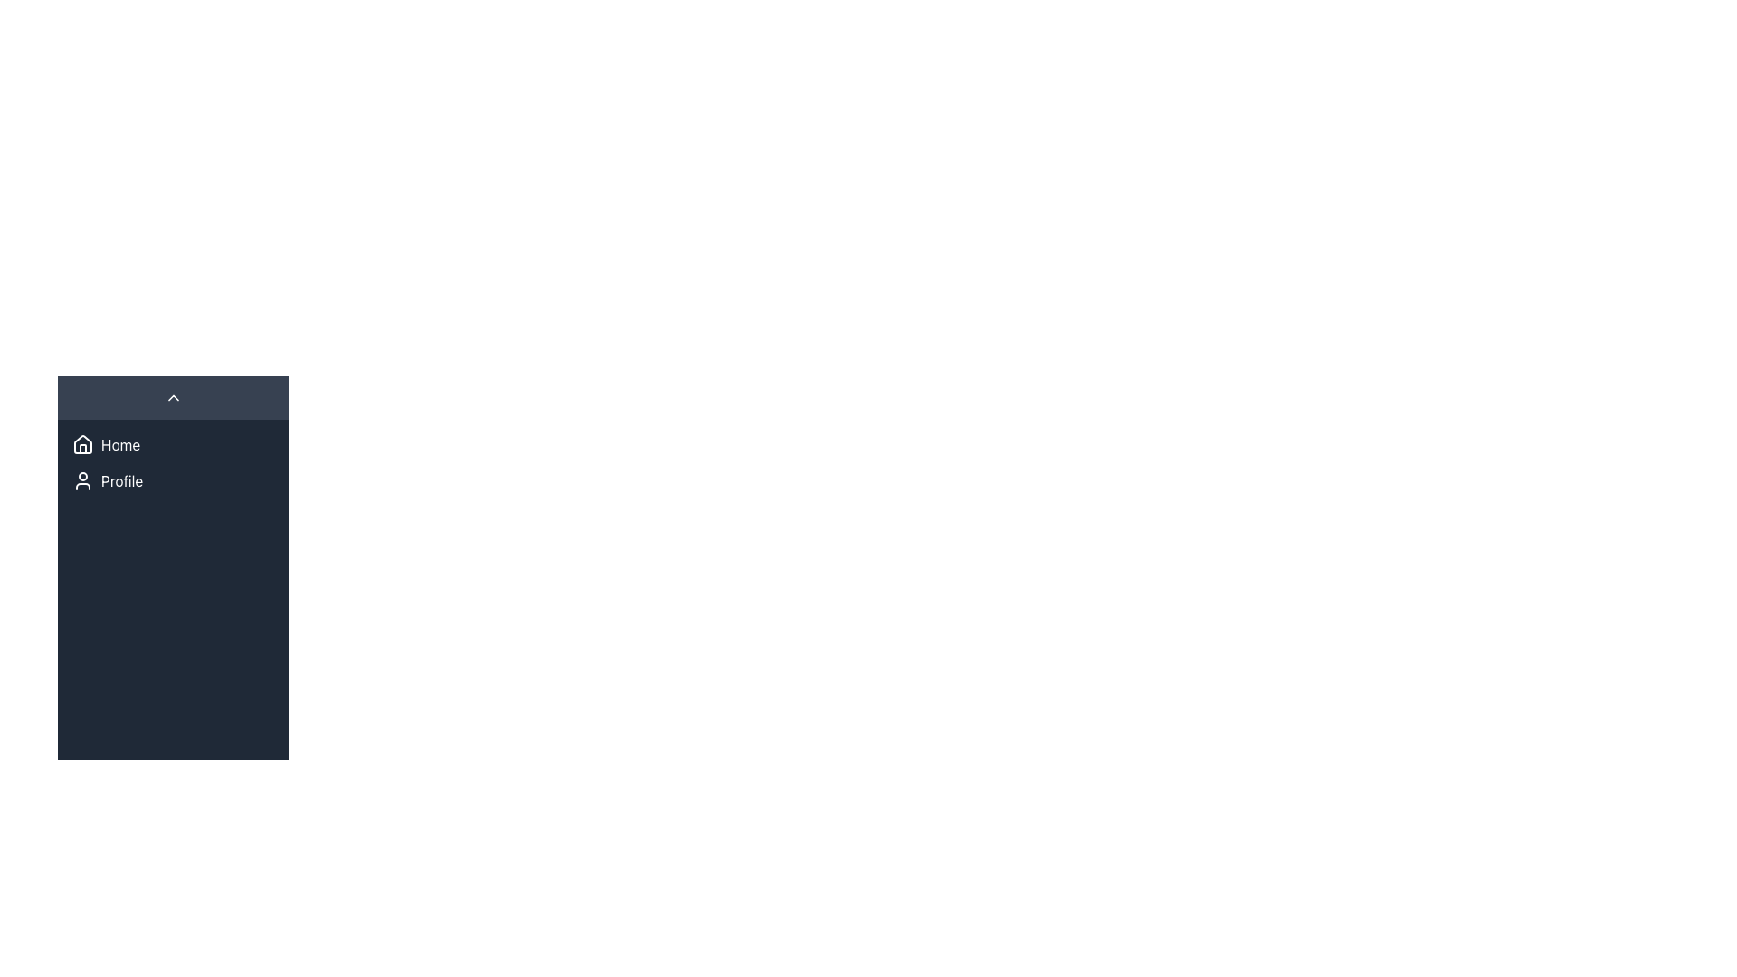  Describe the element at coordinates (121, 480) in the screenshot. I see `the 'Profile' text label in the vertical navigation menu` at that location.